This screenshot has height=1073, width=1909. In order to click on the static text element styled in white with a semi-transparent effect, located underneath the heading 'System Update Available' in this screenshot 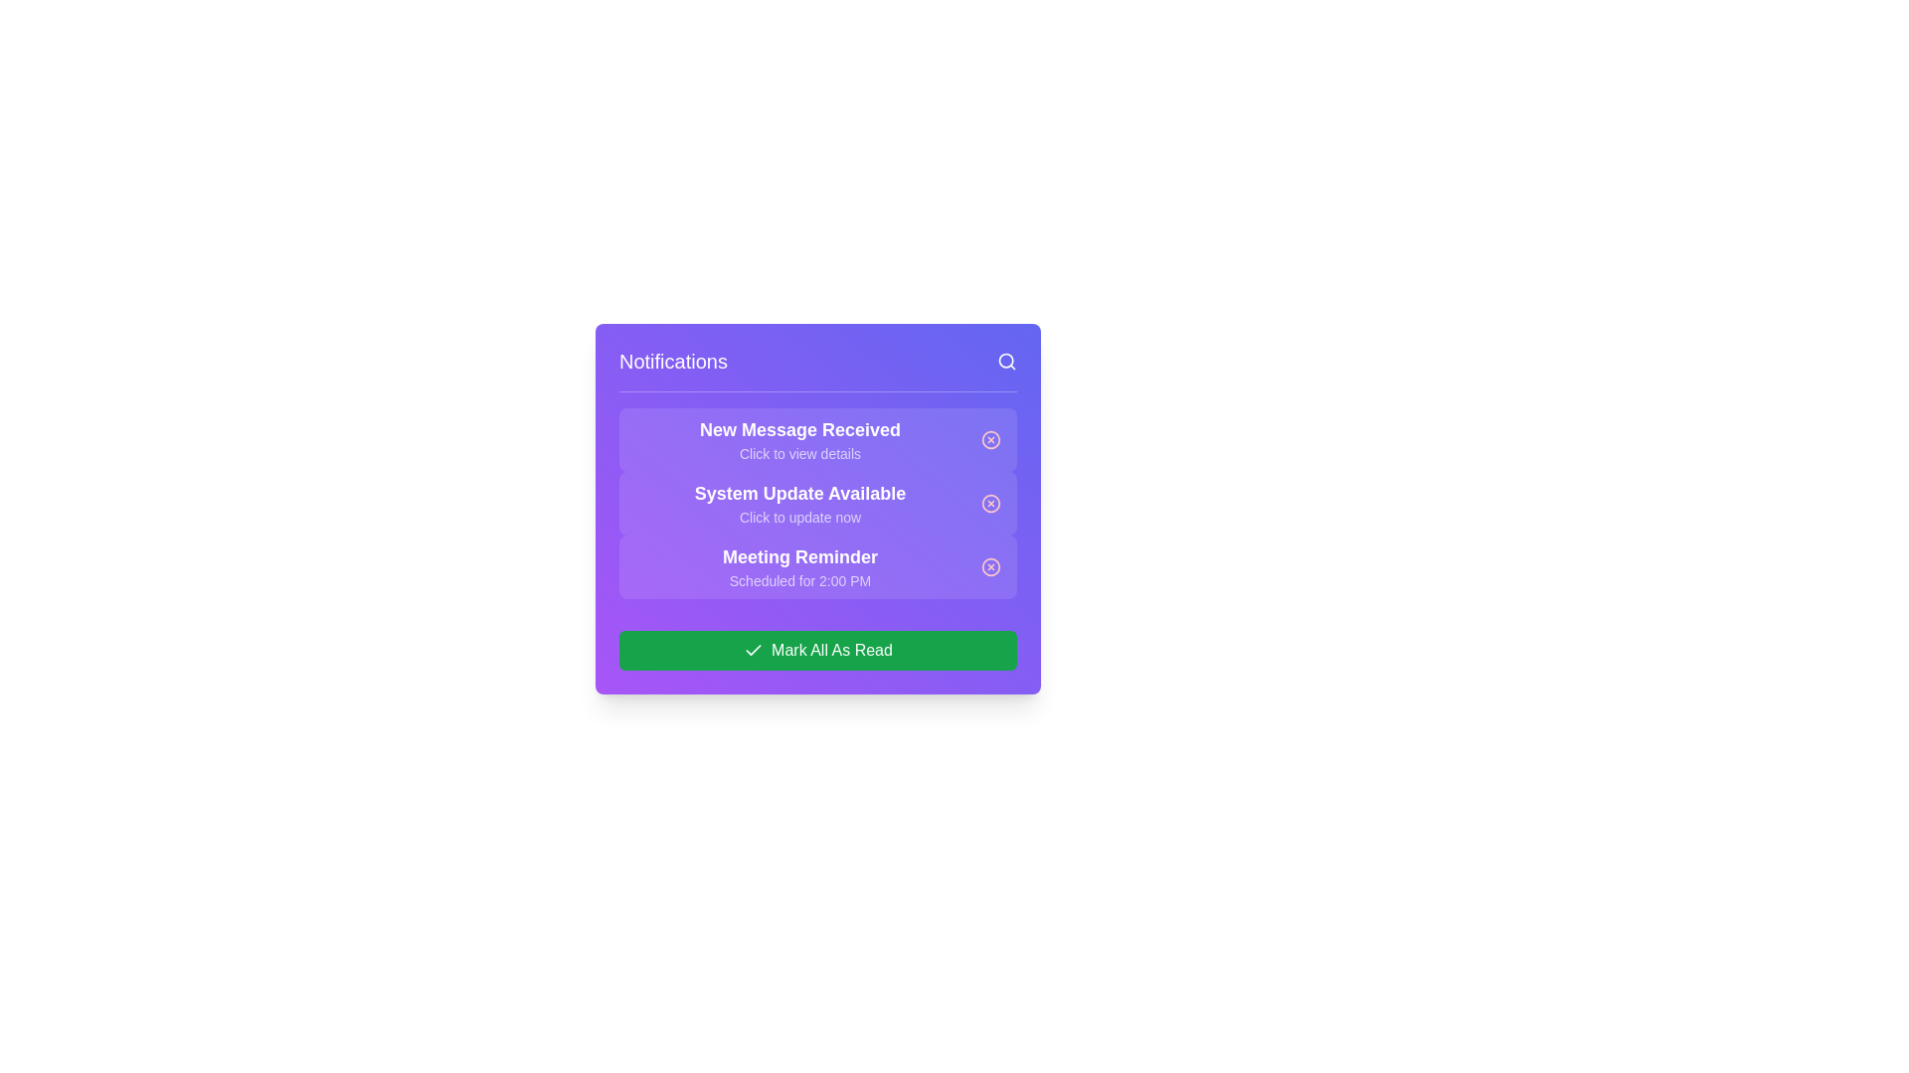, I will do `click(800, 516)`.